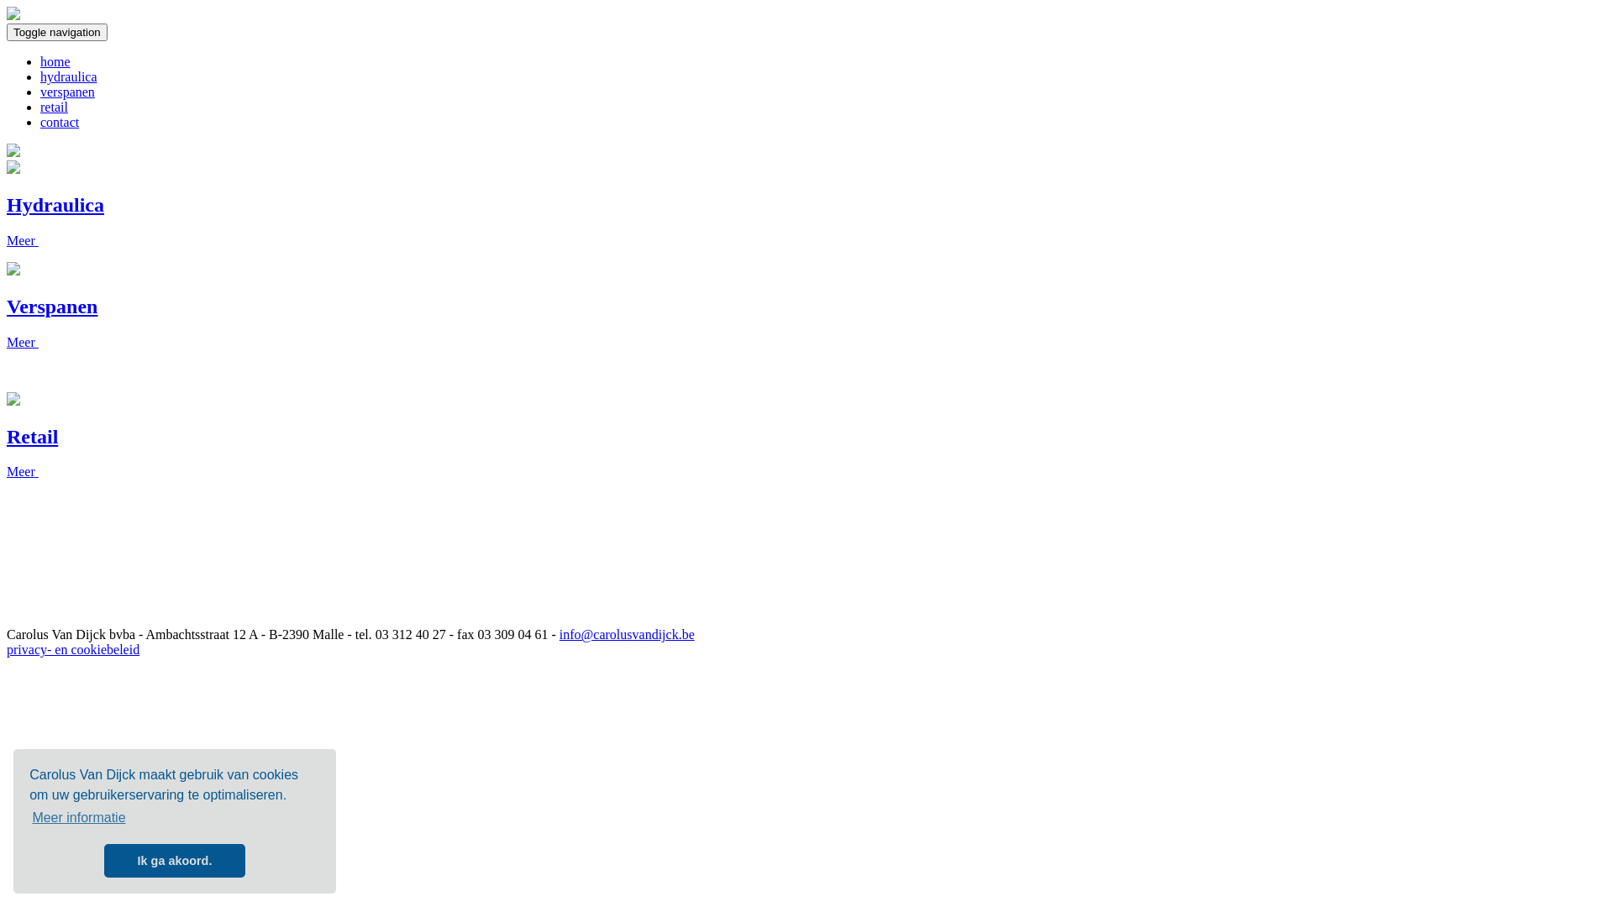 The image size is (1613, 907). Describe the element at coordinates (55, 60) in the screenshot. I see `'home'` at that location.